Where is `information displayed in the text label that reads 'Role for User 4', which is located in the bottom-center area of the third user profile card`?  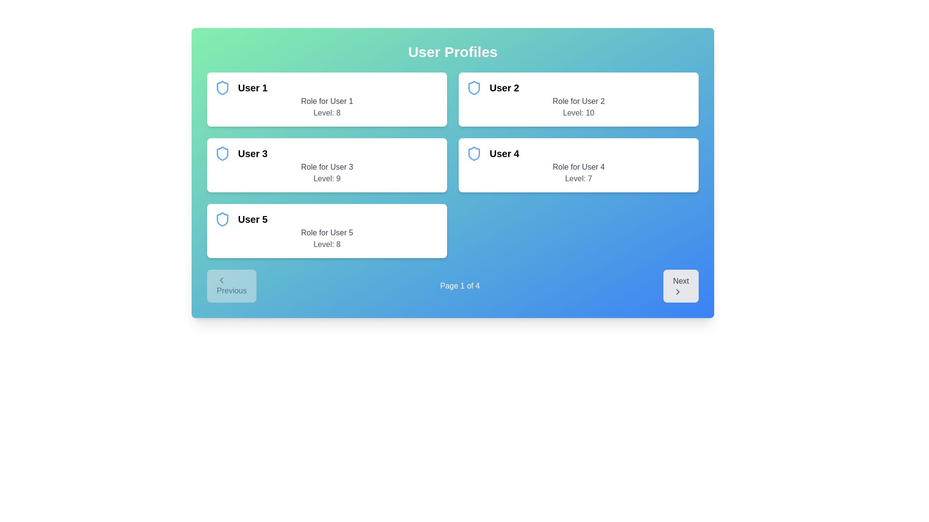 information displayed in the text label that reads 'Role for User 4', which is located in the bottom-center area of the third user profile card is located at coordinates (578, 167).